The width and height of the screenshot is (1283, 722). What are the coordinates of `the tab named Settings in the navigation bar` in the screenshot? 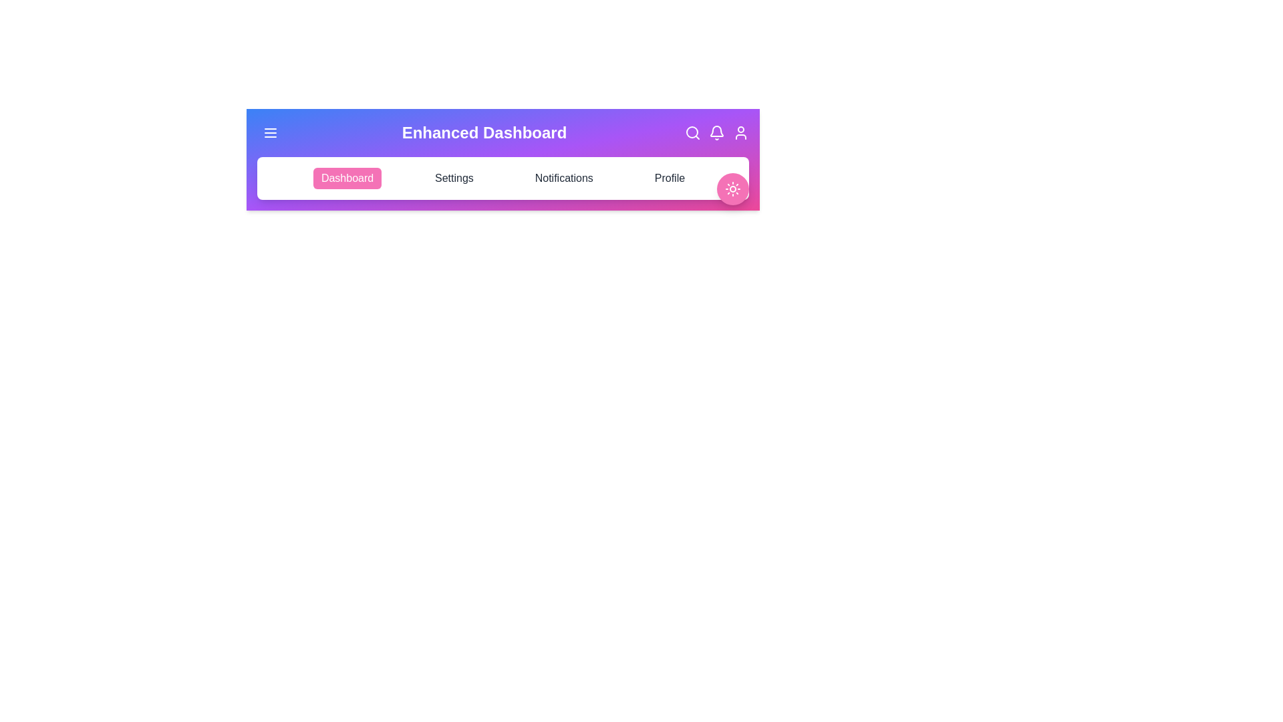 It's located at (454, 177).